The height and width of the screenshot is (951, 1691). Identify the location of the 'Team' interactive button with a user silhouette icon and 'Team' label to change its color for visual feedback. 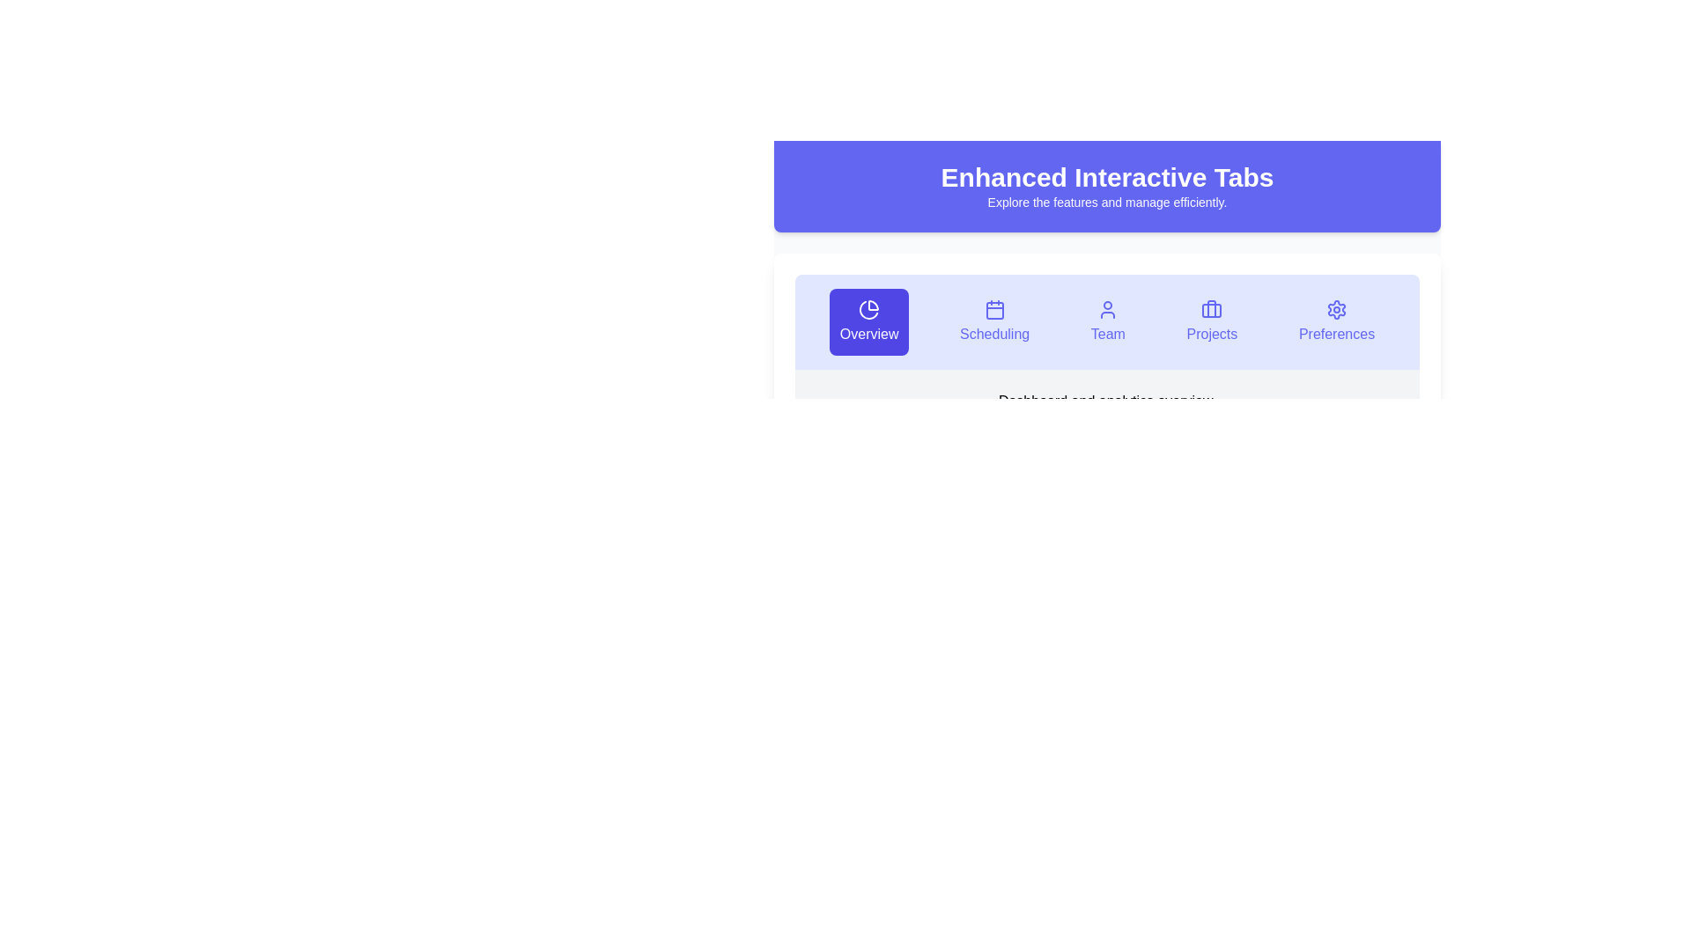
(1107, 322).